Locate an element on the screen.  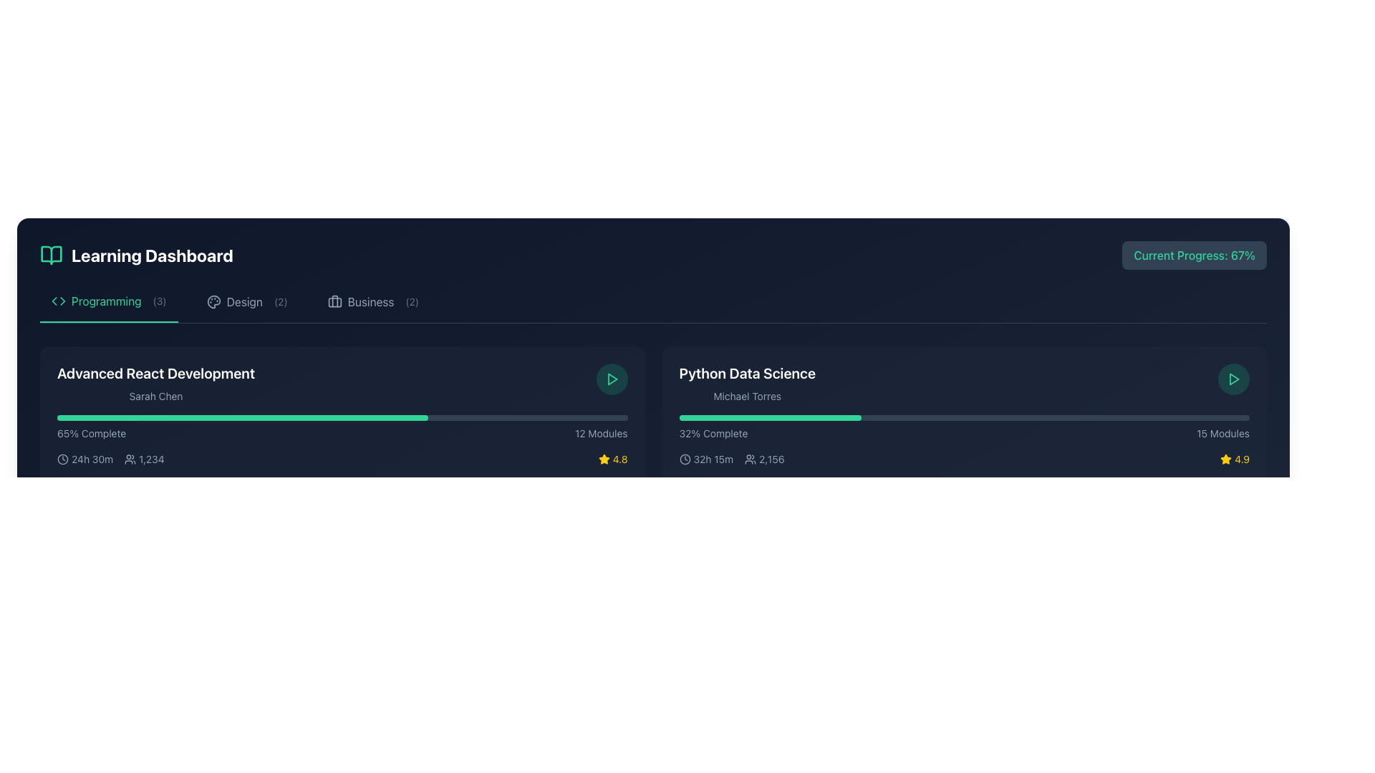
the circular play button with a greenish hue located beside the course details for 'Advanced React Development' by 'Sarah Chen' is located at coordinates (612, 378).